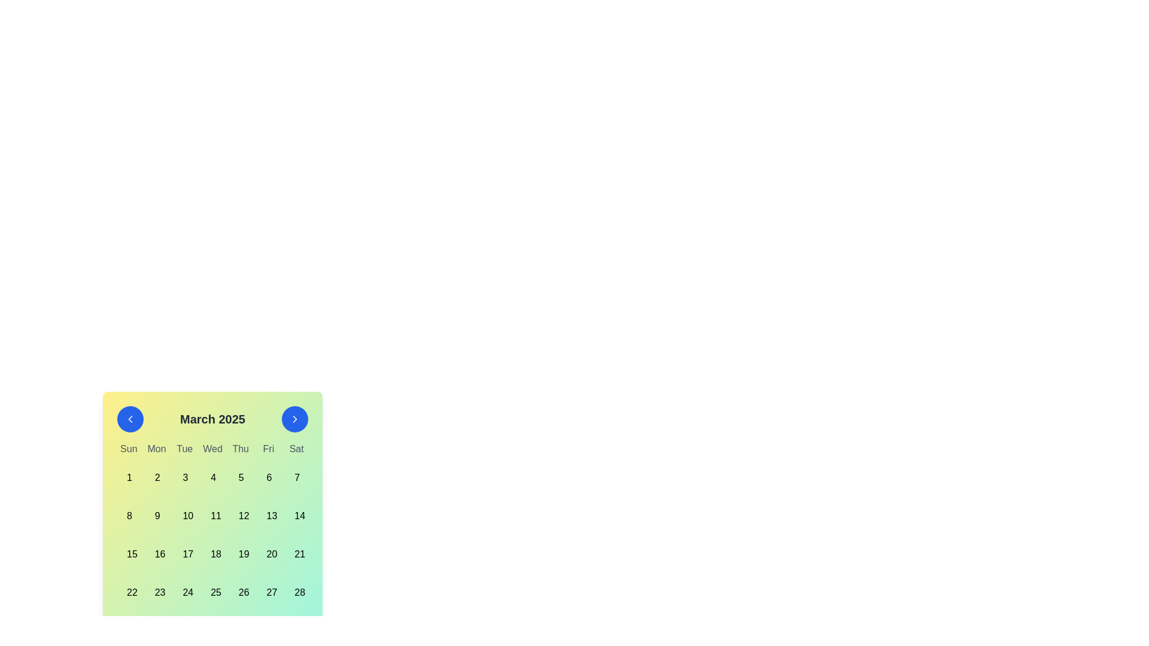  Describe the element at coordinates (184, 593) in the screenshot. I see `the Calendar Day Item representing the date 24 in the March 2025 calendar, located in the sixth row and fourth column under 'Tue'` at that location.